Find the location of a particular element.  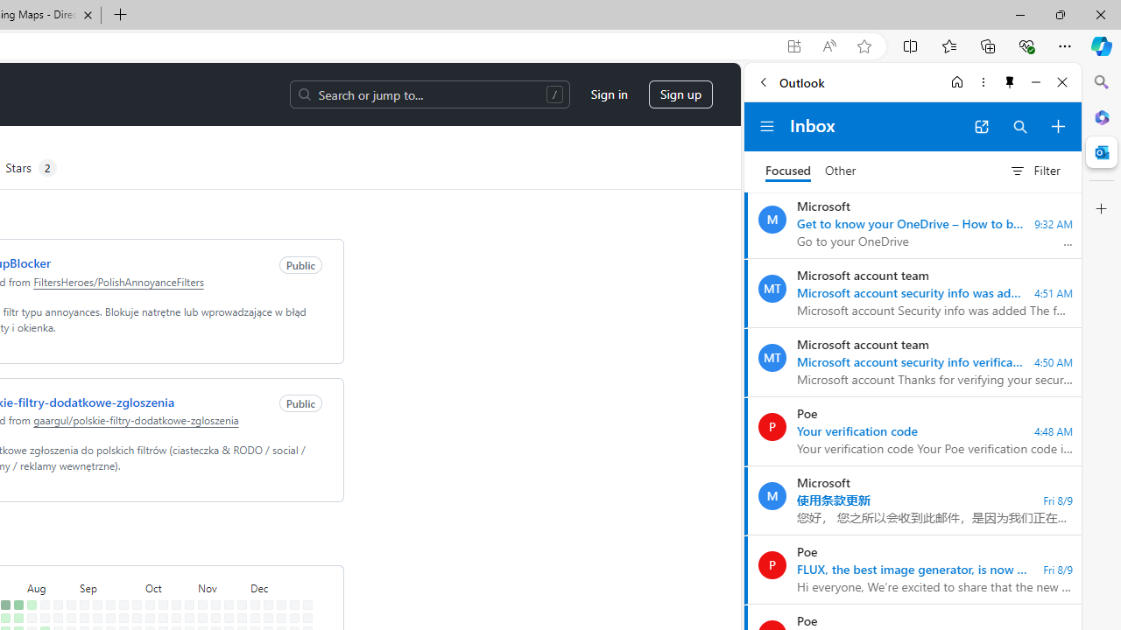

'Folder navigation' is located at coordinates (767, 126).